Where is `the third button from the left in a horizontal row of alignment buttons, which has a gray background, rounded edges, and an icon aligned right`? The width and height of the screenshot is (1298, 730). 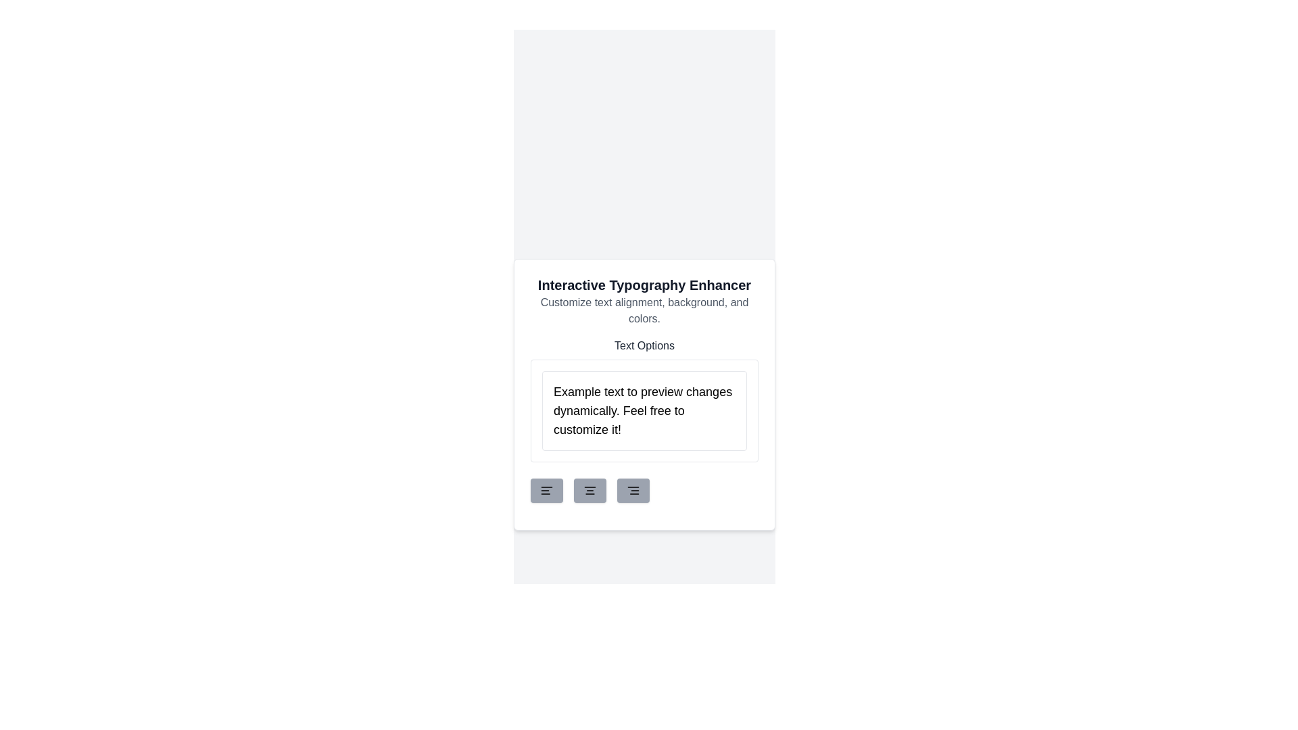
the third button from the left in a horizontal row of alignment buttons, which has a gray background, rounded edges, and an icon aligned right is located at coordinates (644, 490).